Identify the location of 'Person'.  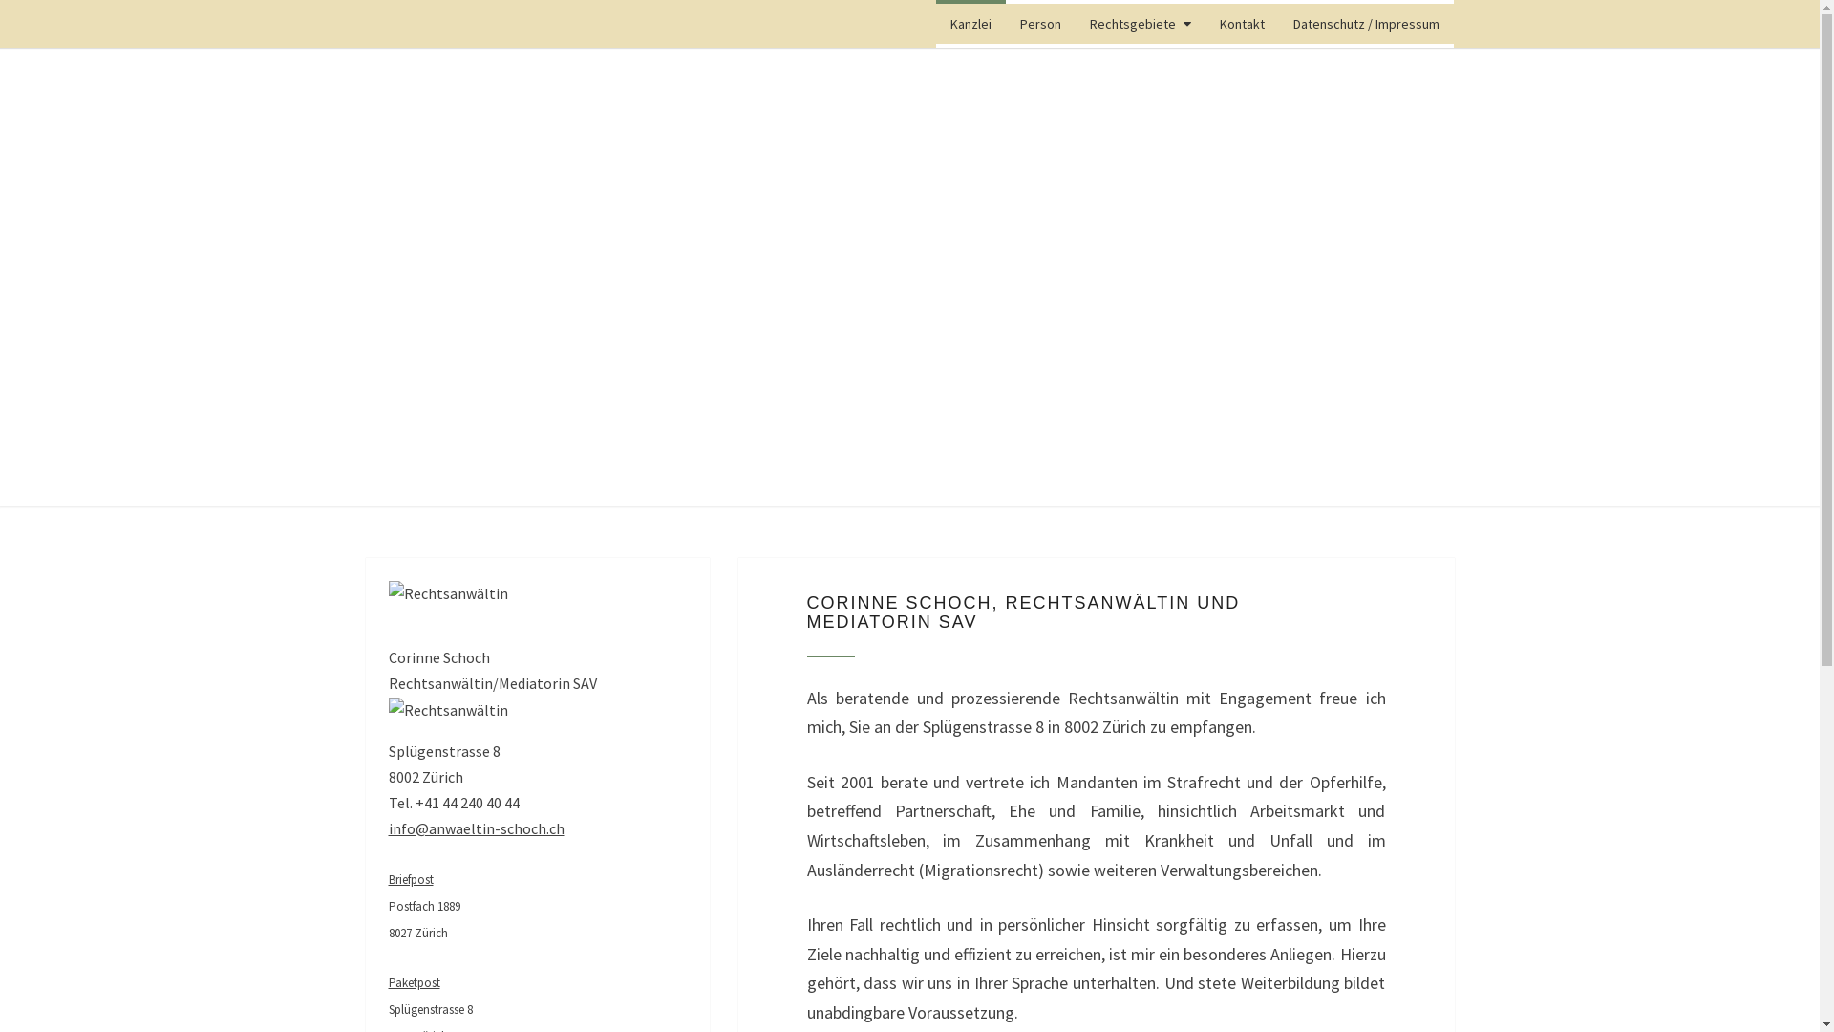
(1039, 23).